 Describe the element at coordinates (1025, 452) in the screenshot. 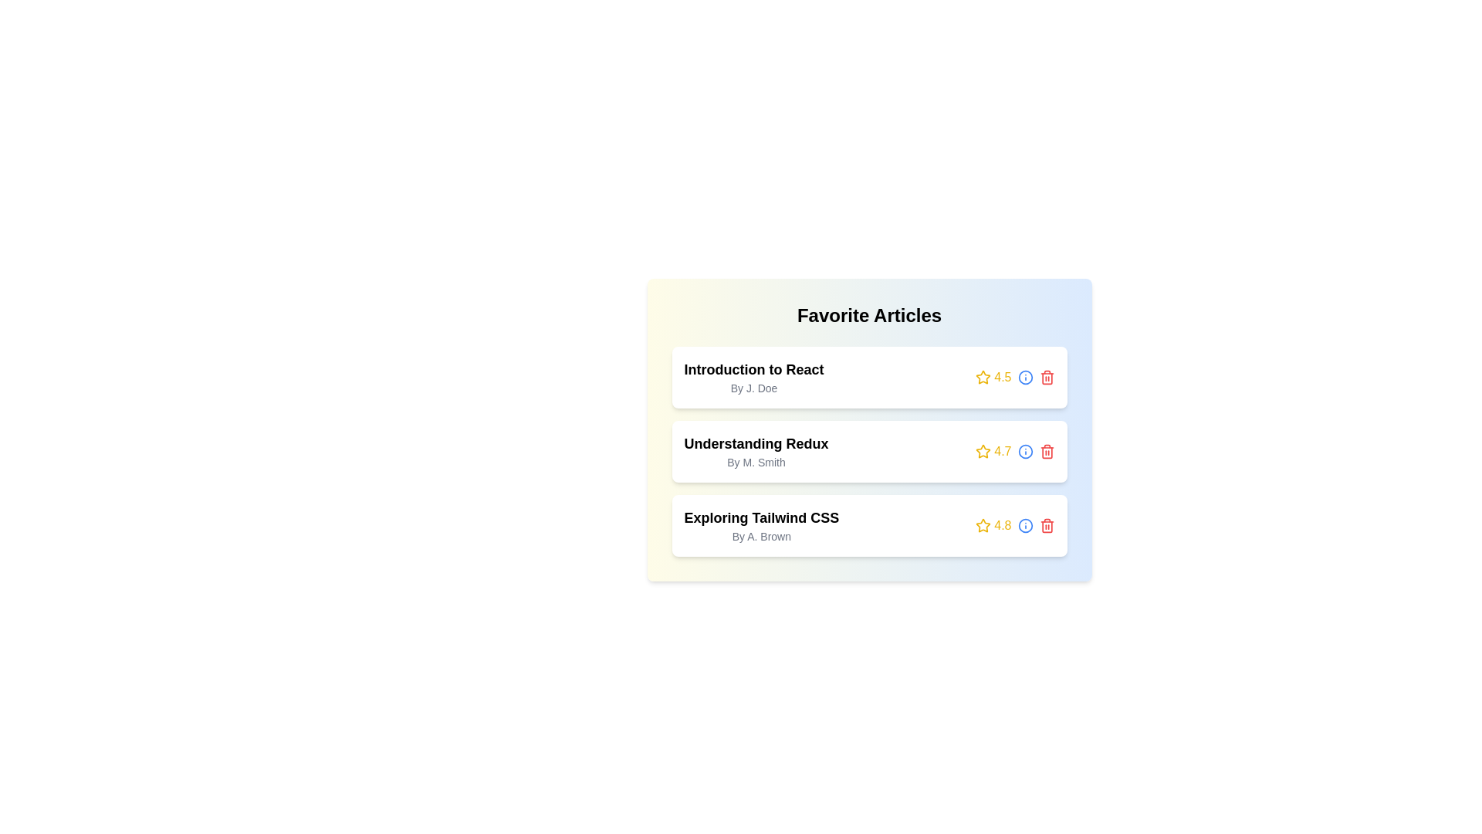

I see `the 'info' icon next to the article titled 'Understanding Redux' to view its details` at that location.